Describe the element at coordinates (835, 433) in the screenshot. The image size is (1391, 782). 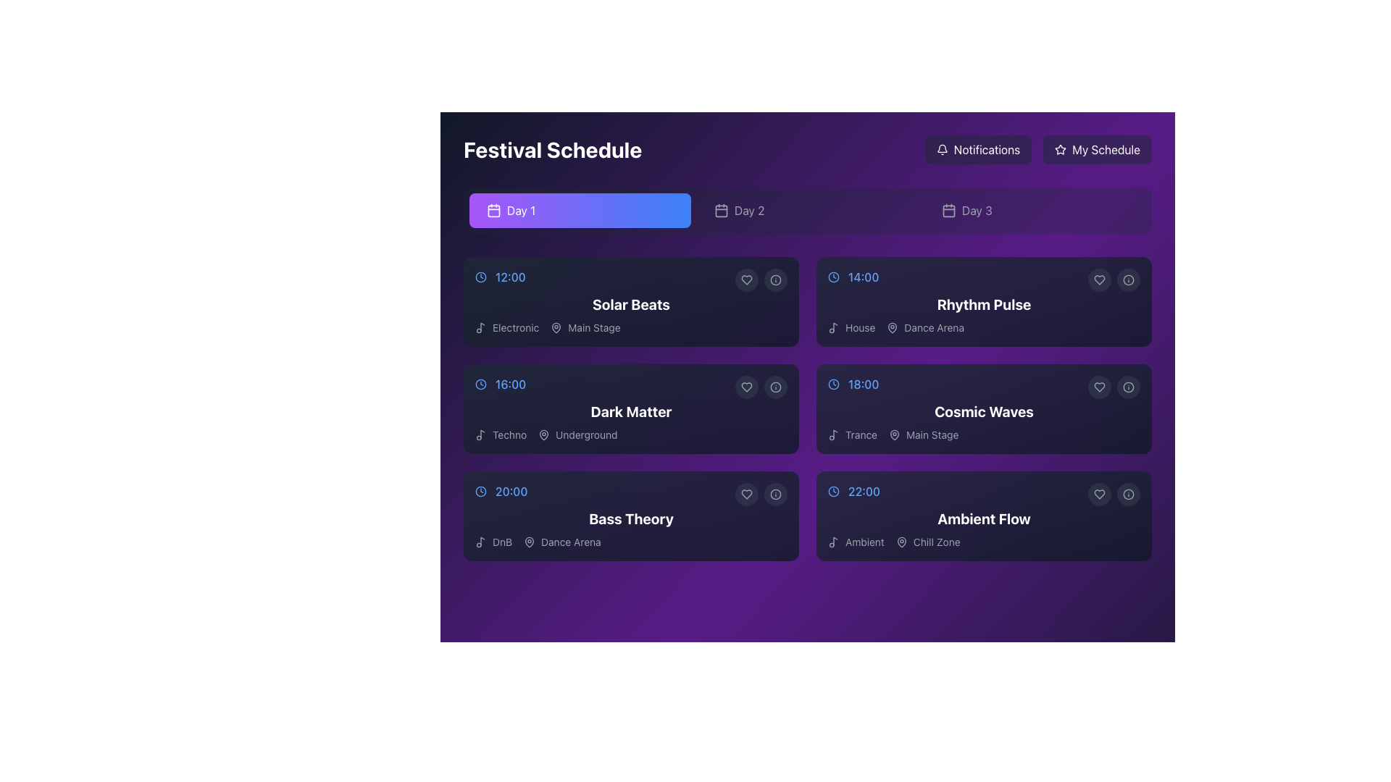
I see `the musical note icon located in the 'Trance' section of the 'Cosmic Waves' schedule card` at that location.